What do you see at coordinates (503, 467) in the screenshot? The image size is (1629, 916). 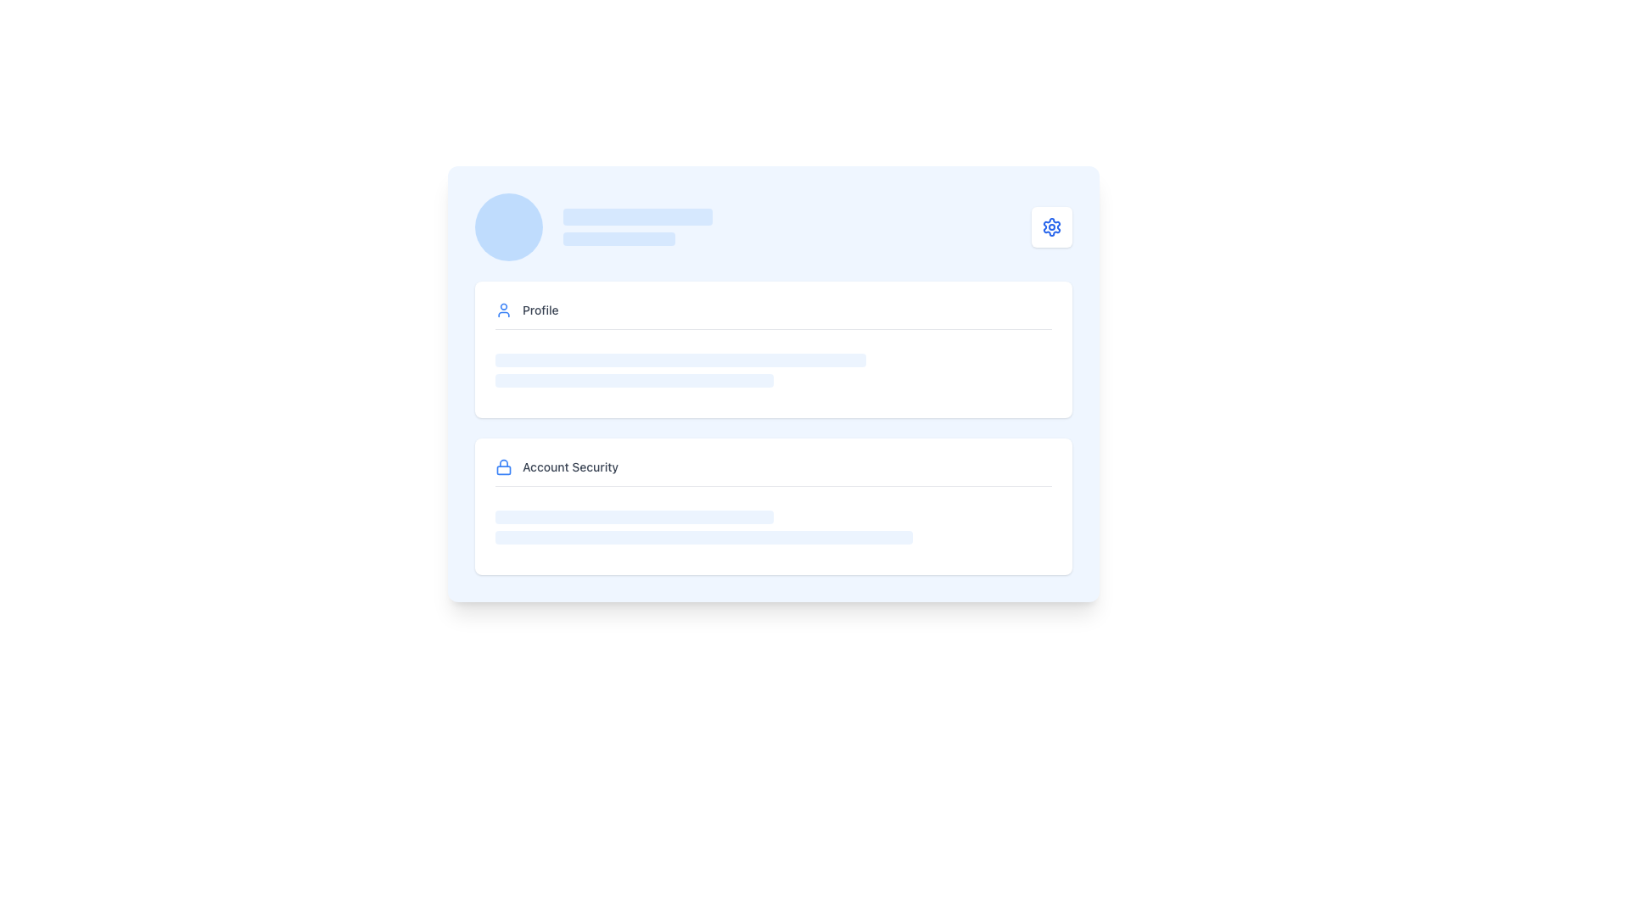 I see `the blue outlined lock icon with a rounded design, located immediately to the left of the text 'Account Security'` at bounding box center [503, 467].